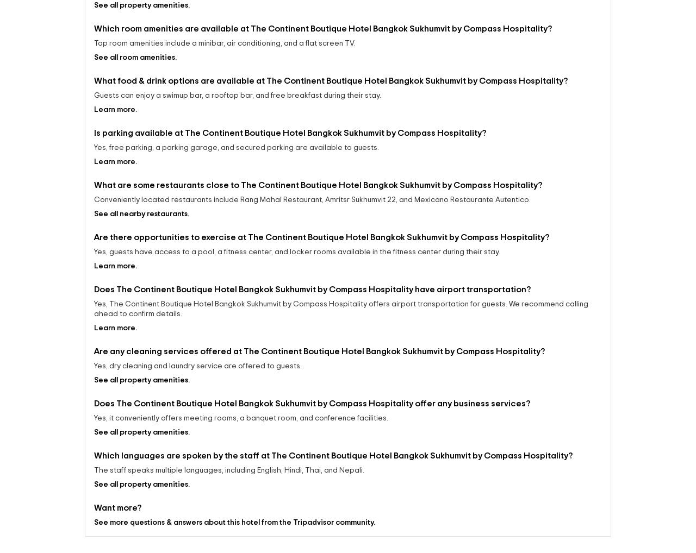 Image resolution: width=696 pixels, height=553 pixels. Describe the element at coordinates (319, 388) in the screenshot. I see `'Are any cleaning services offered at The Continent Boutique Hotel Bangkok Sukhumvit by Compass Hospitality?'` at that location.